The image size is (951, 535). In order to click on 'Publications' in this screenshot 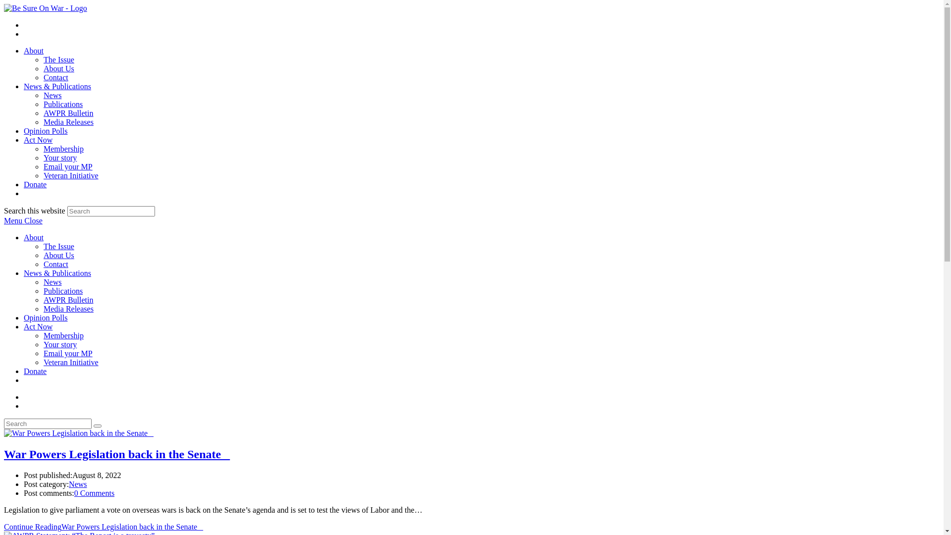, I will do `click(62, 104)`.